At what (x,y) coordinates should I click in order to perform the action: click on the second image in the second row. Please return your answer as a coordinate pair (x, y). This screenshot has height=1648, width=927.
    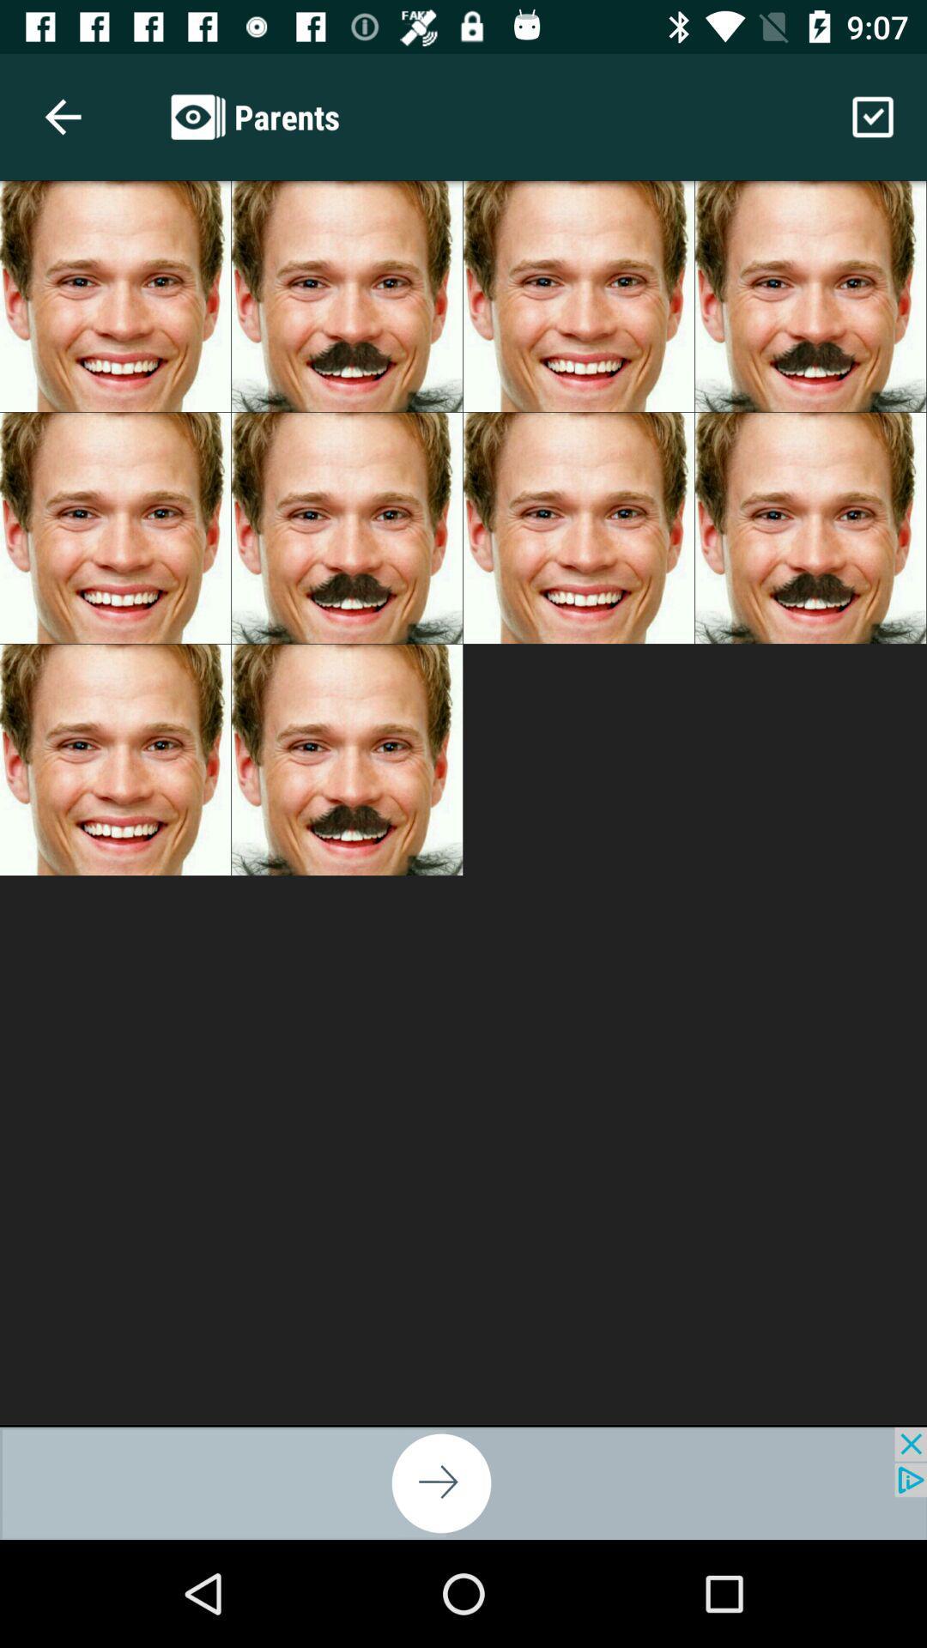
    Looking at the image, I should click on (347, 527).